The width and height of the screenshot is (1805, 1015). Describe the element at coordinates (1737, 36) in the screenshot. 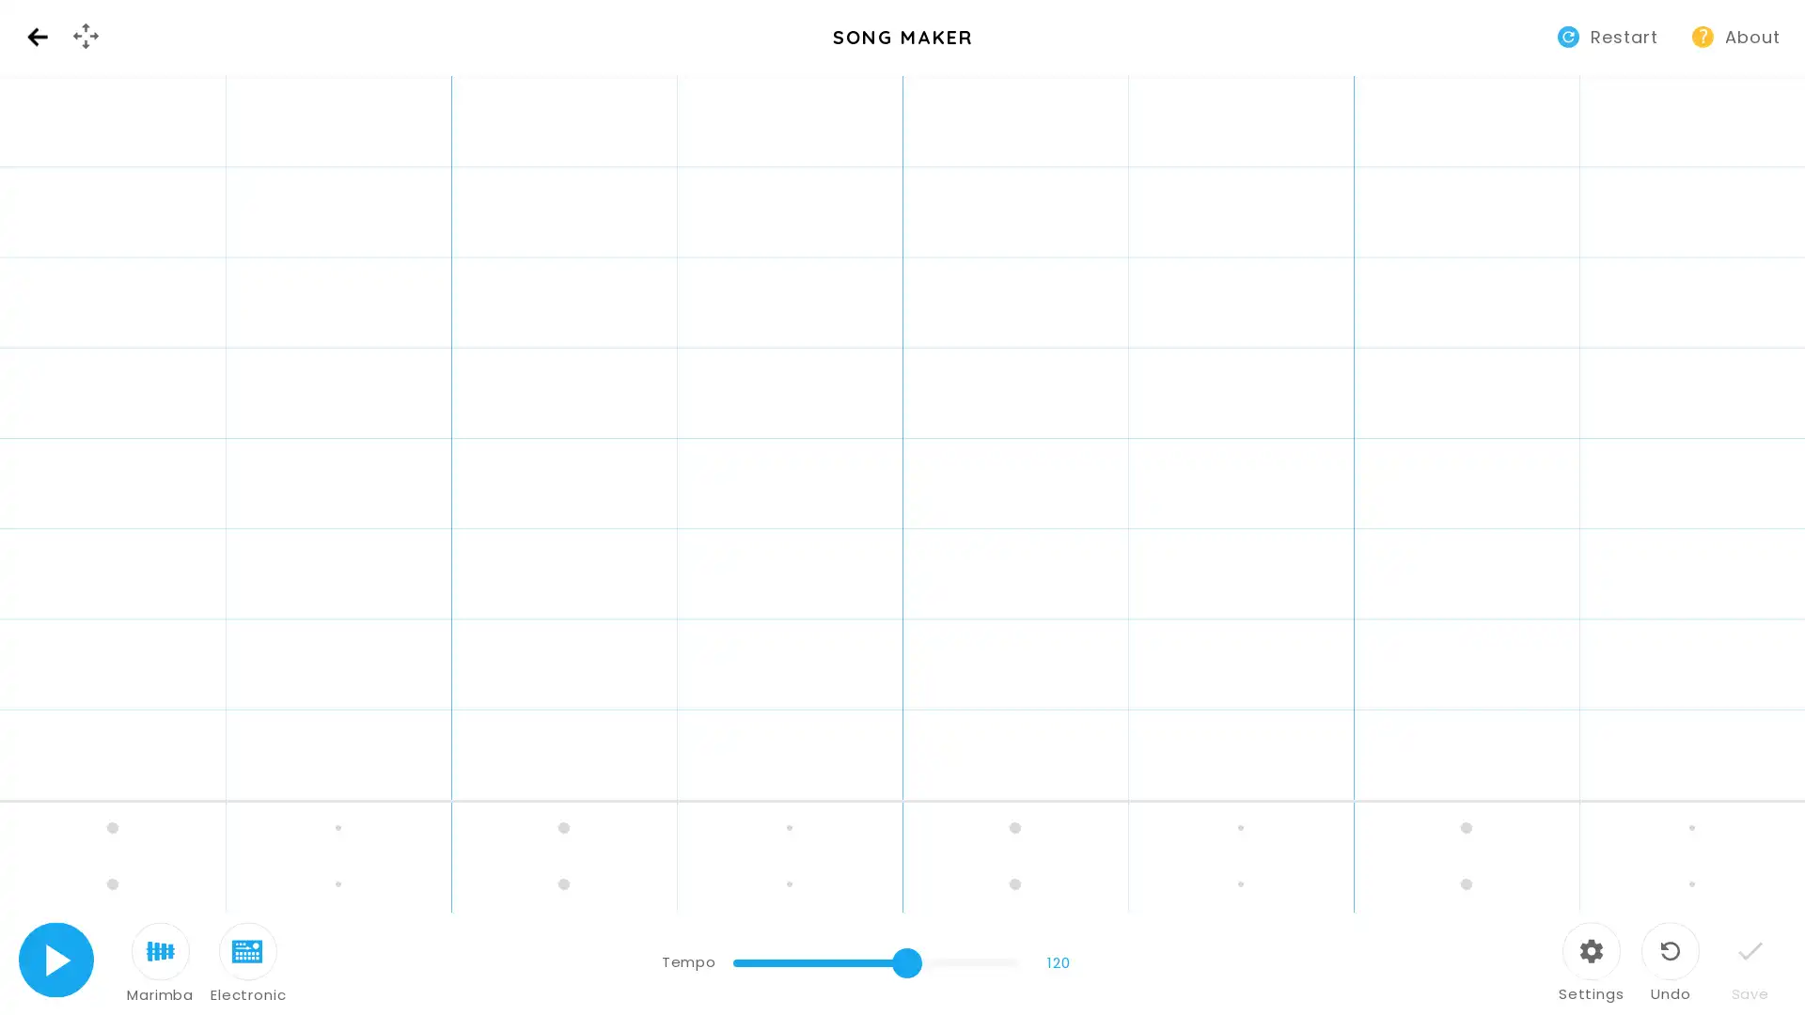

I see `About` at that location.